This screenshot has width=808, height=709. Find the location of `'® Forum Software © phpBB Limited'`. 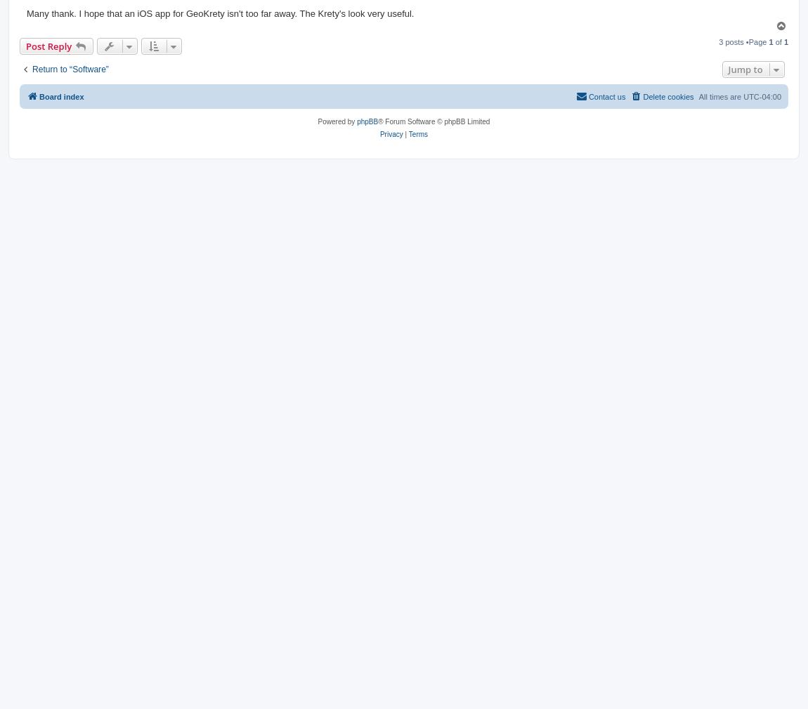

'® Forum Software © phpBB Limited' is located at coordinates (433, 121).